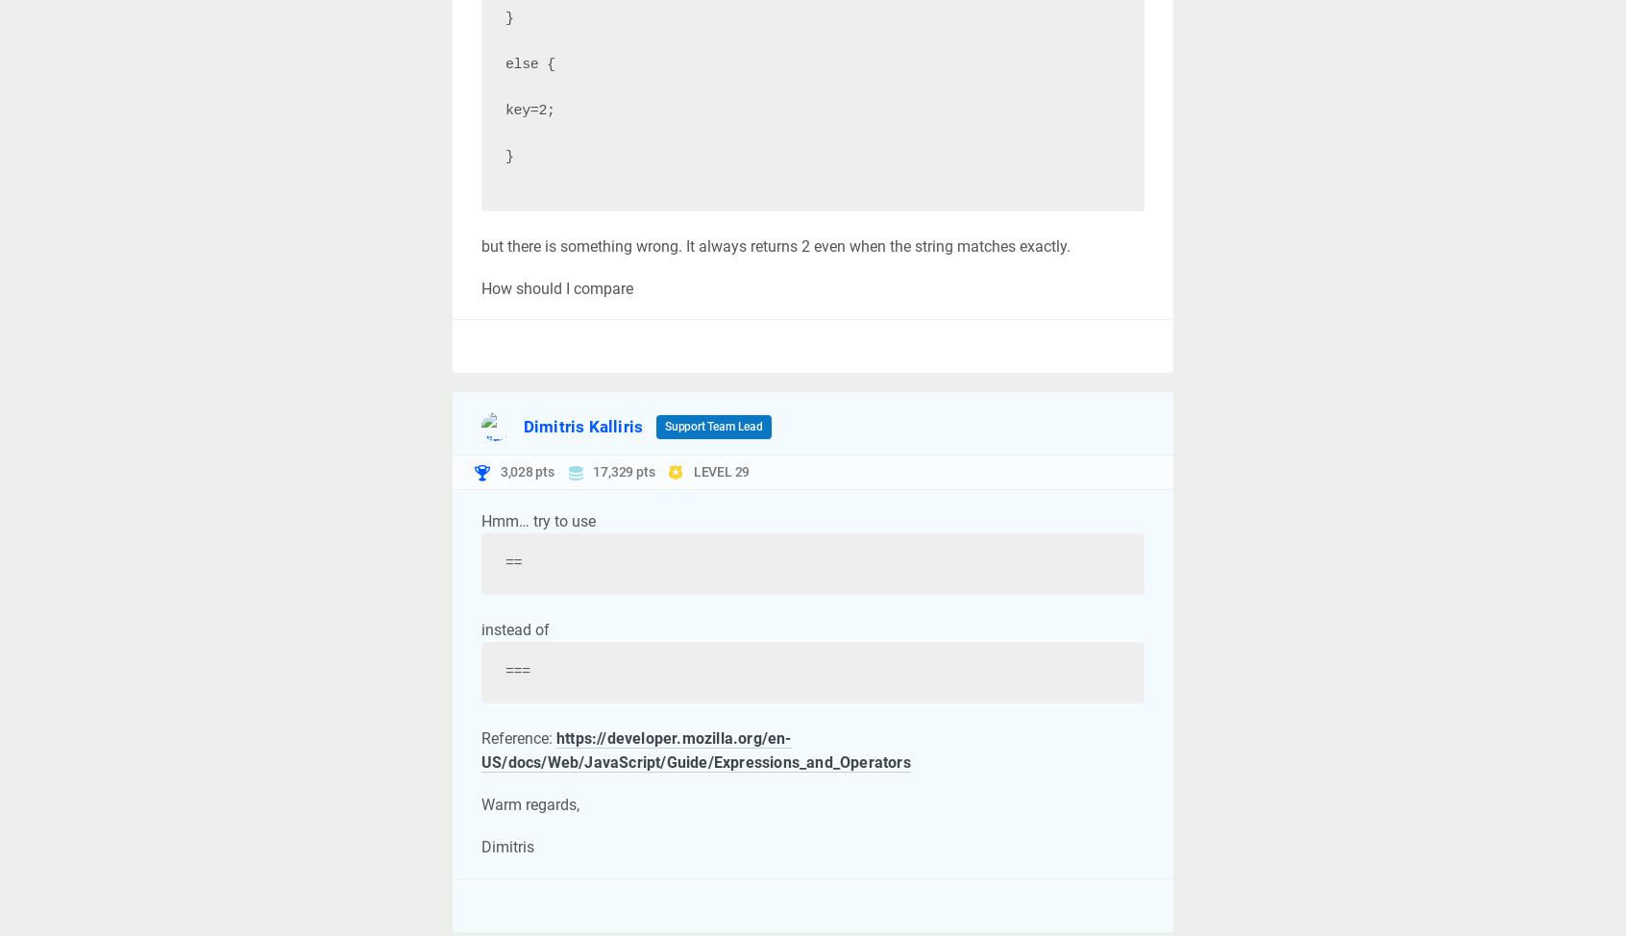 The height and width of the screenshot is (936, 1626). What do you see at coordinates (481, 749) in the screenshot?
I see `'https://developer.mozilla.org/en-US/docs/Web/JavaScript/Guide/Expressions_and_Operators'` at bounding box center [481, 749].